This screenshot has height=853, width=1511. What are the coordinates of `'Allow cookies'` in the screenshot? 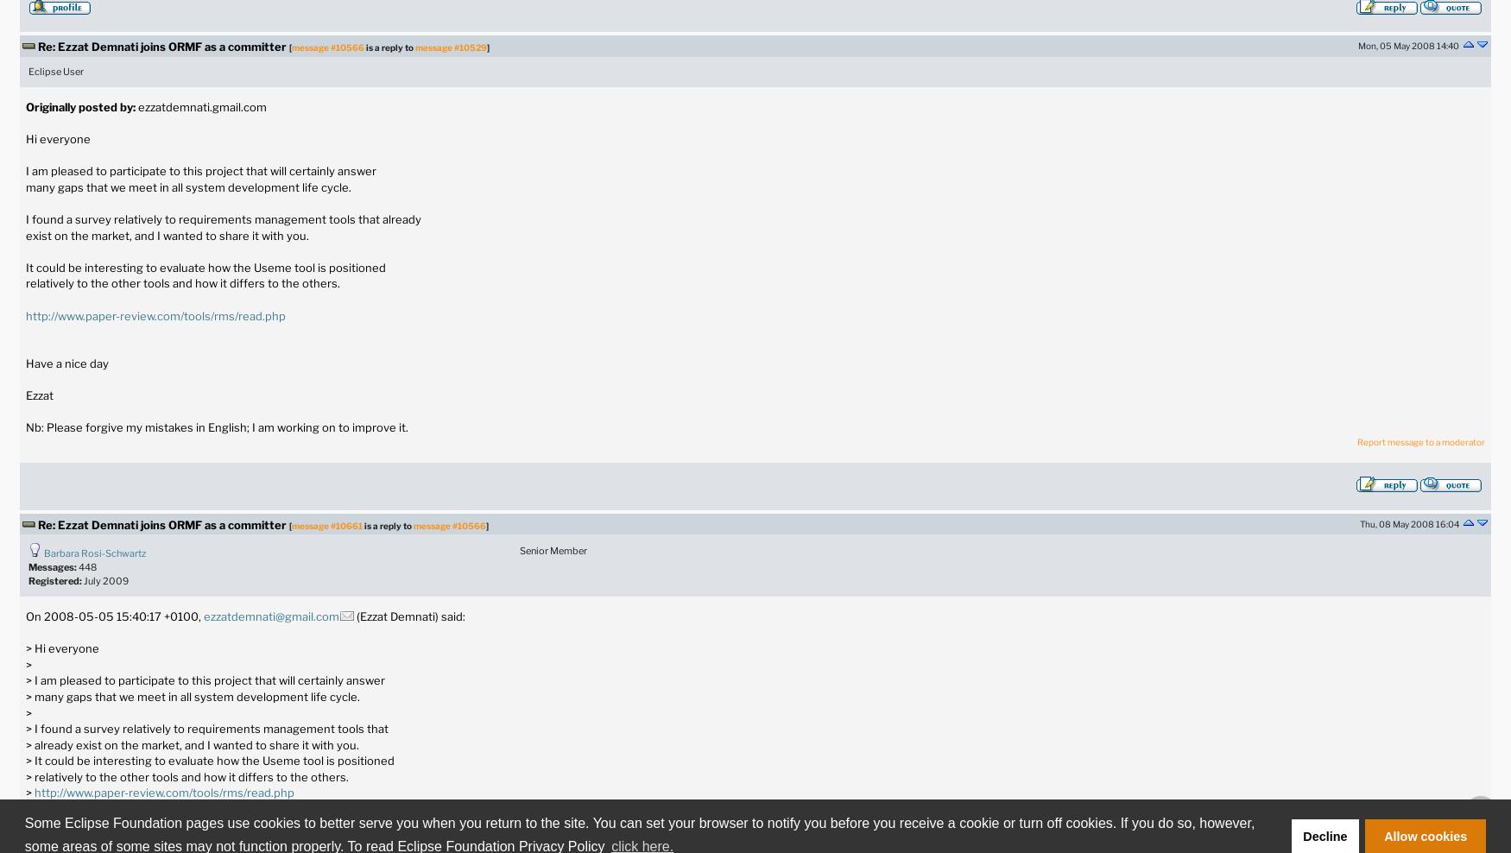 It's located at (1384, 836).